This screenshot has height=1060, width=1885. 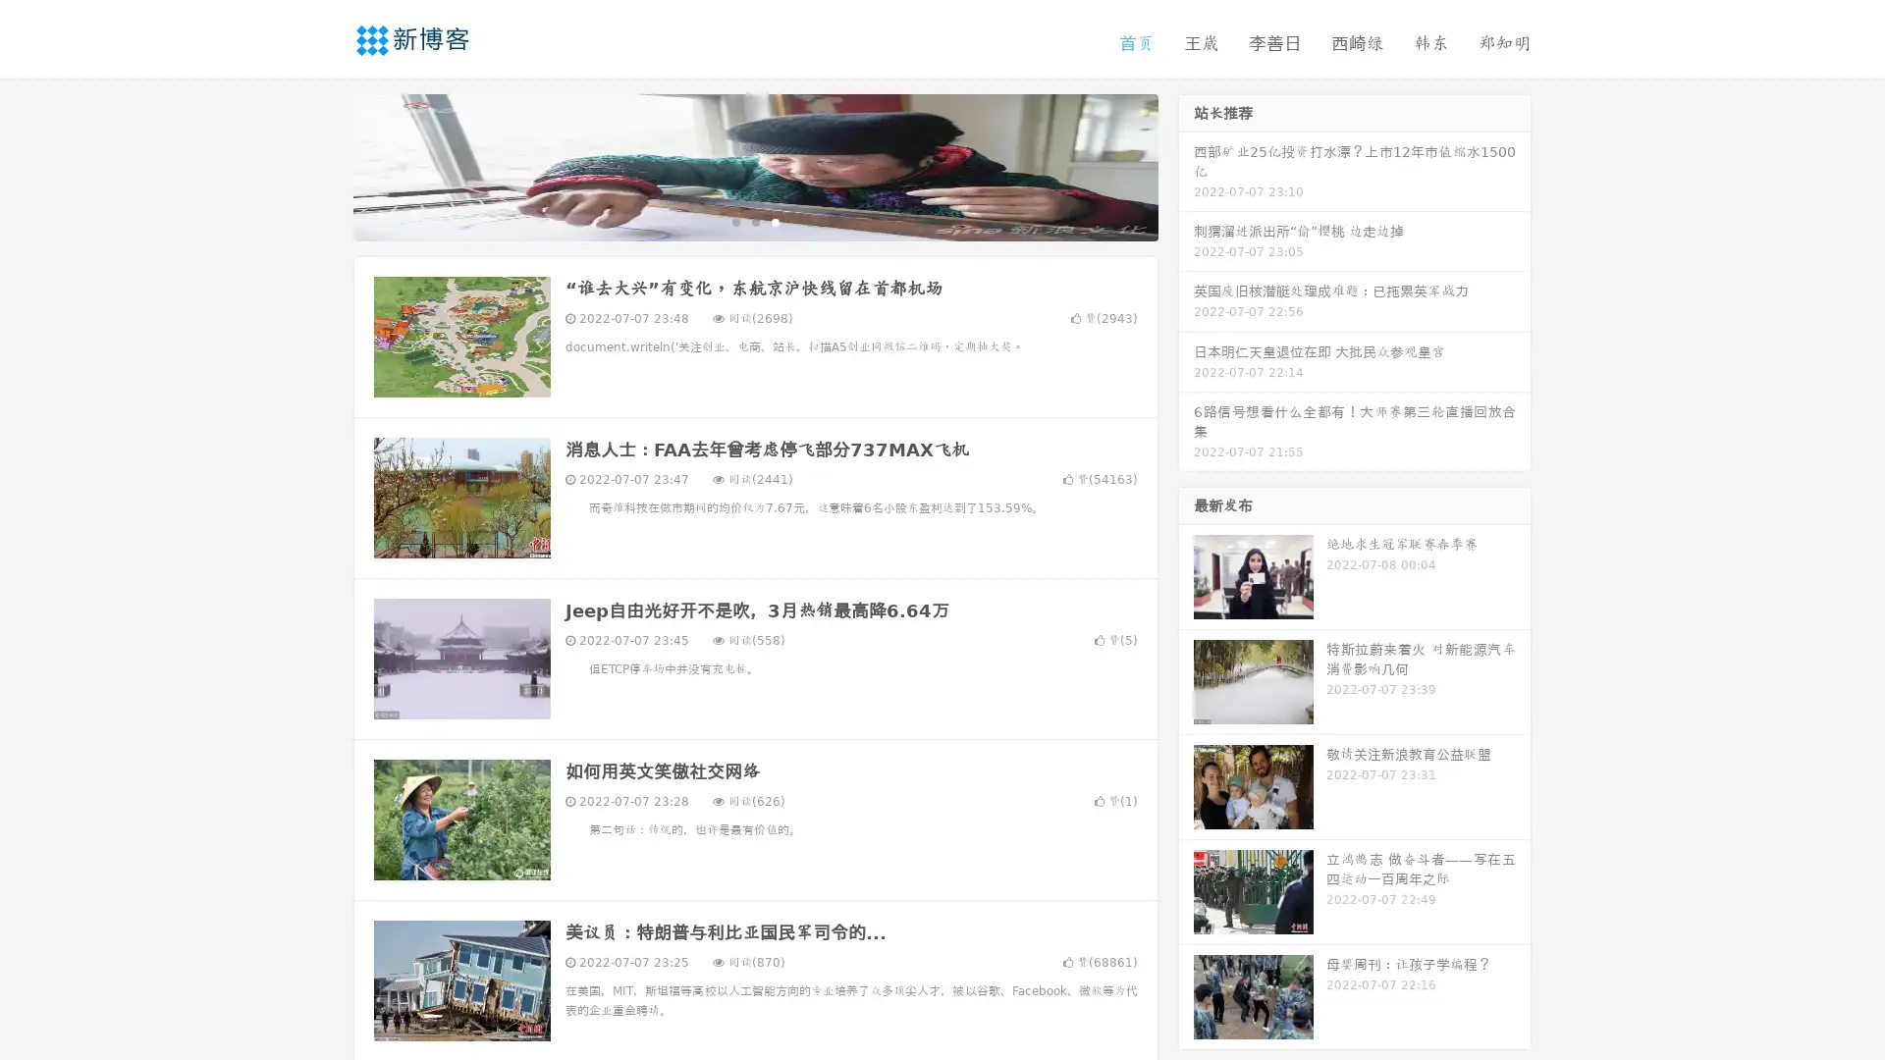 I want to click on Go to slide 3, so click(x=775, y=221).